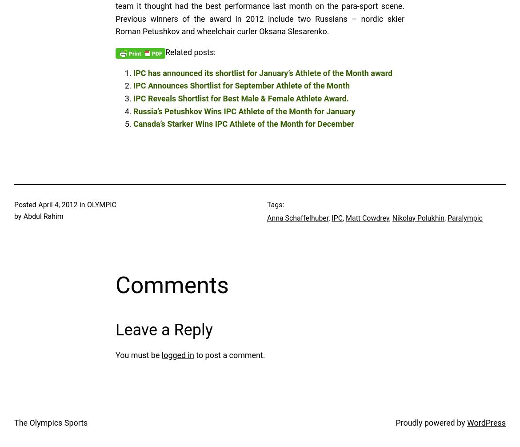 The width and height of the screenshot is (520, 447). I want to click on 'Comments', so click(172, 285).